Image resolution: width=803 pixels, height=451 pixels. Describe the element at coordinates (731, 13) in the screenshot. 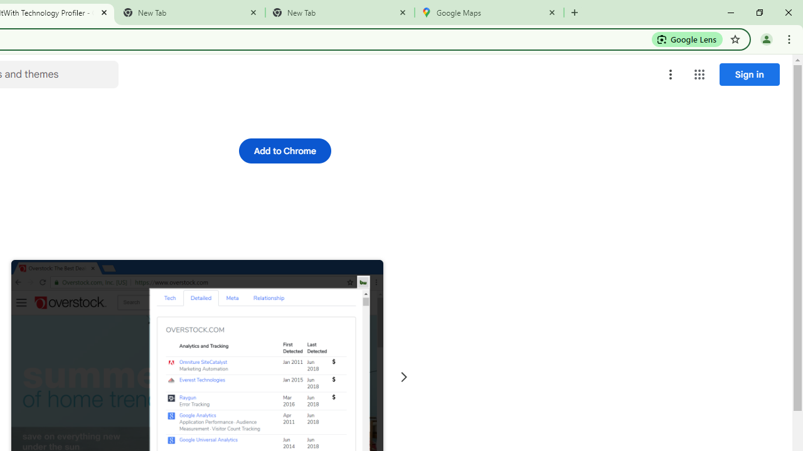

I see `'Minimize'` at that location.